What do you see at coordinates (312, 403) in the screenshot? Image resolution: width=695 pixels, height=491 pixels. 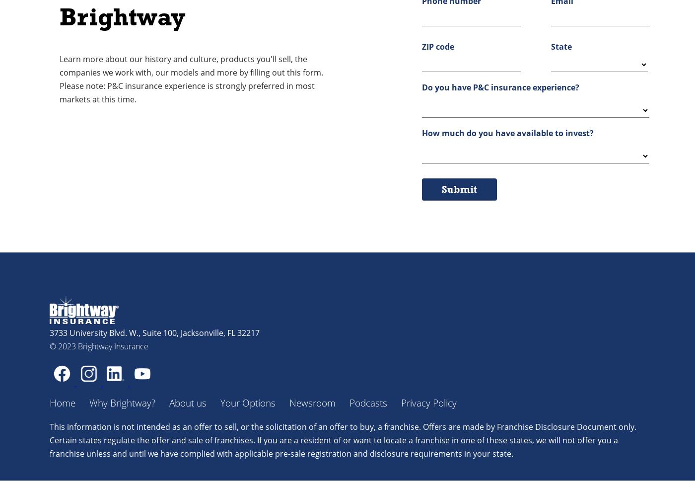 I see `'Newsroom'` at bounding box center [312, 403].